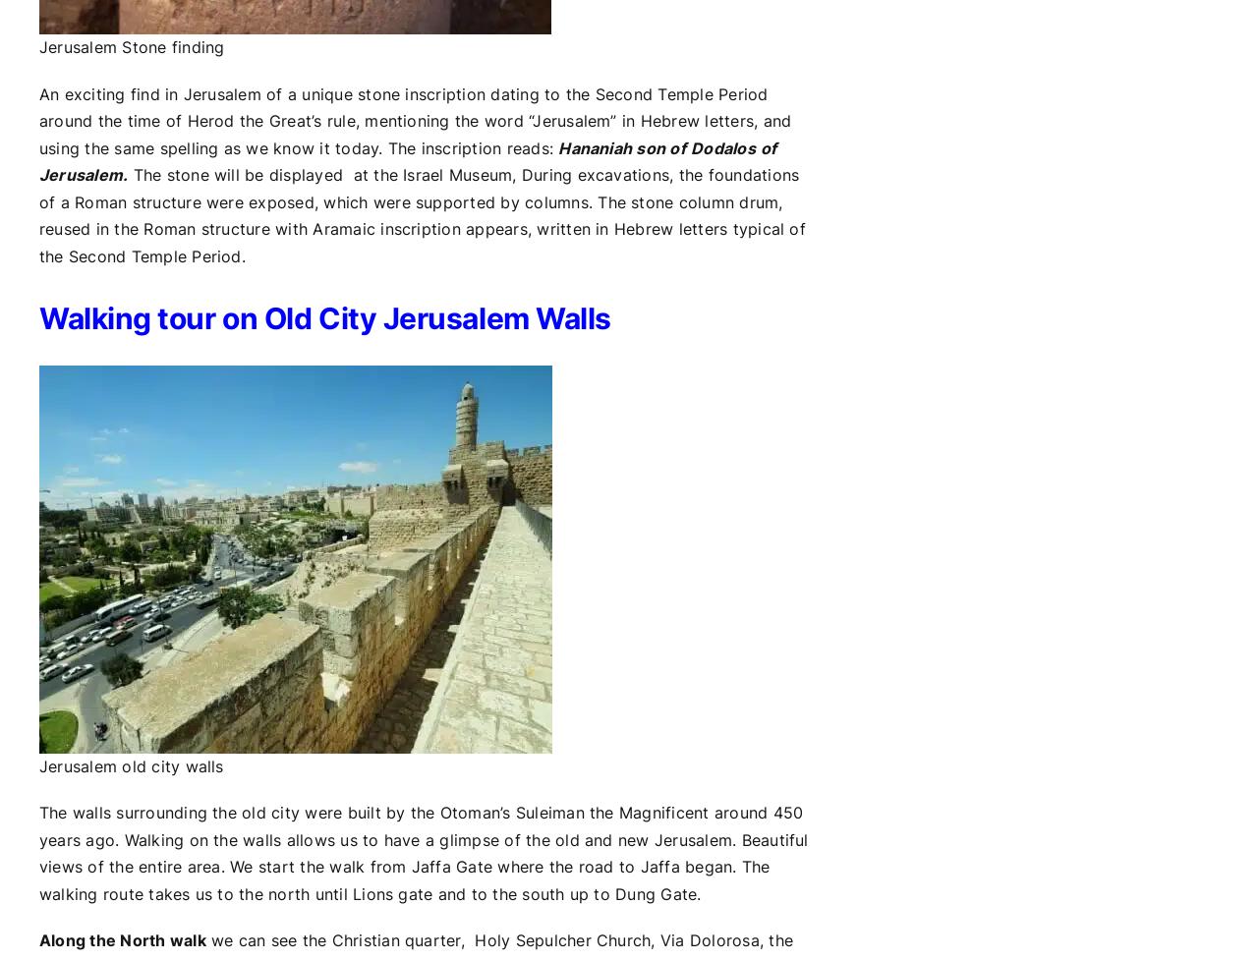 The width and height of the screenshot is (1258, 961). I want to click on 'of Jerusalem.', so click(406, 161).